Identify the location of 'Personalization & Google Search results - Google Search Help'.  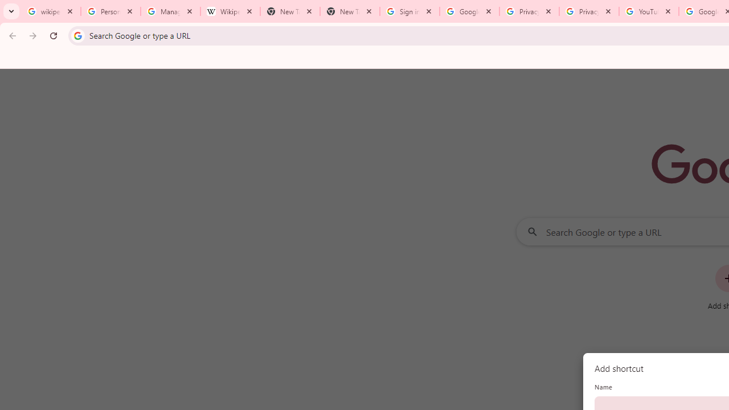
(110, 11).